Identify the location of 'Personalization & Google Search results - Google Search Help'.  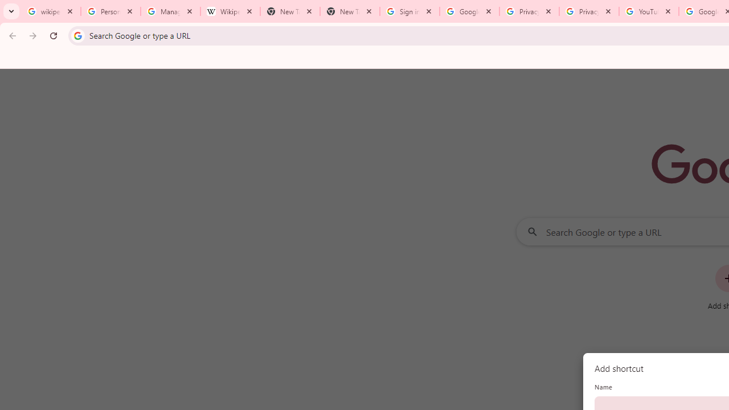
(110, 11).